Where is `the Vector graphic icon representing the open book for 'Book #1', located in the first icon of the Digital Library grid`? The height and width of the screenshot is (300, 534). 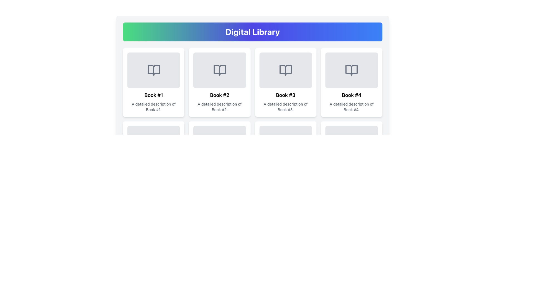 the Vector graphic icon representing the open book for 'Book #1', located in the first icon of the Digital Library grid is located at coordinates (154, 70).